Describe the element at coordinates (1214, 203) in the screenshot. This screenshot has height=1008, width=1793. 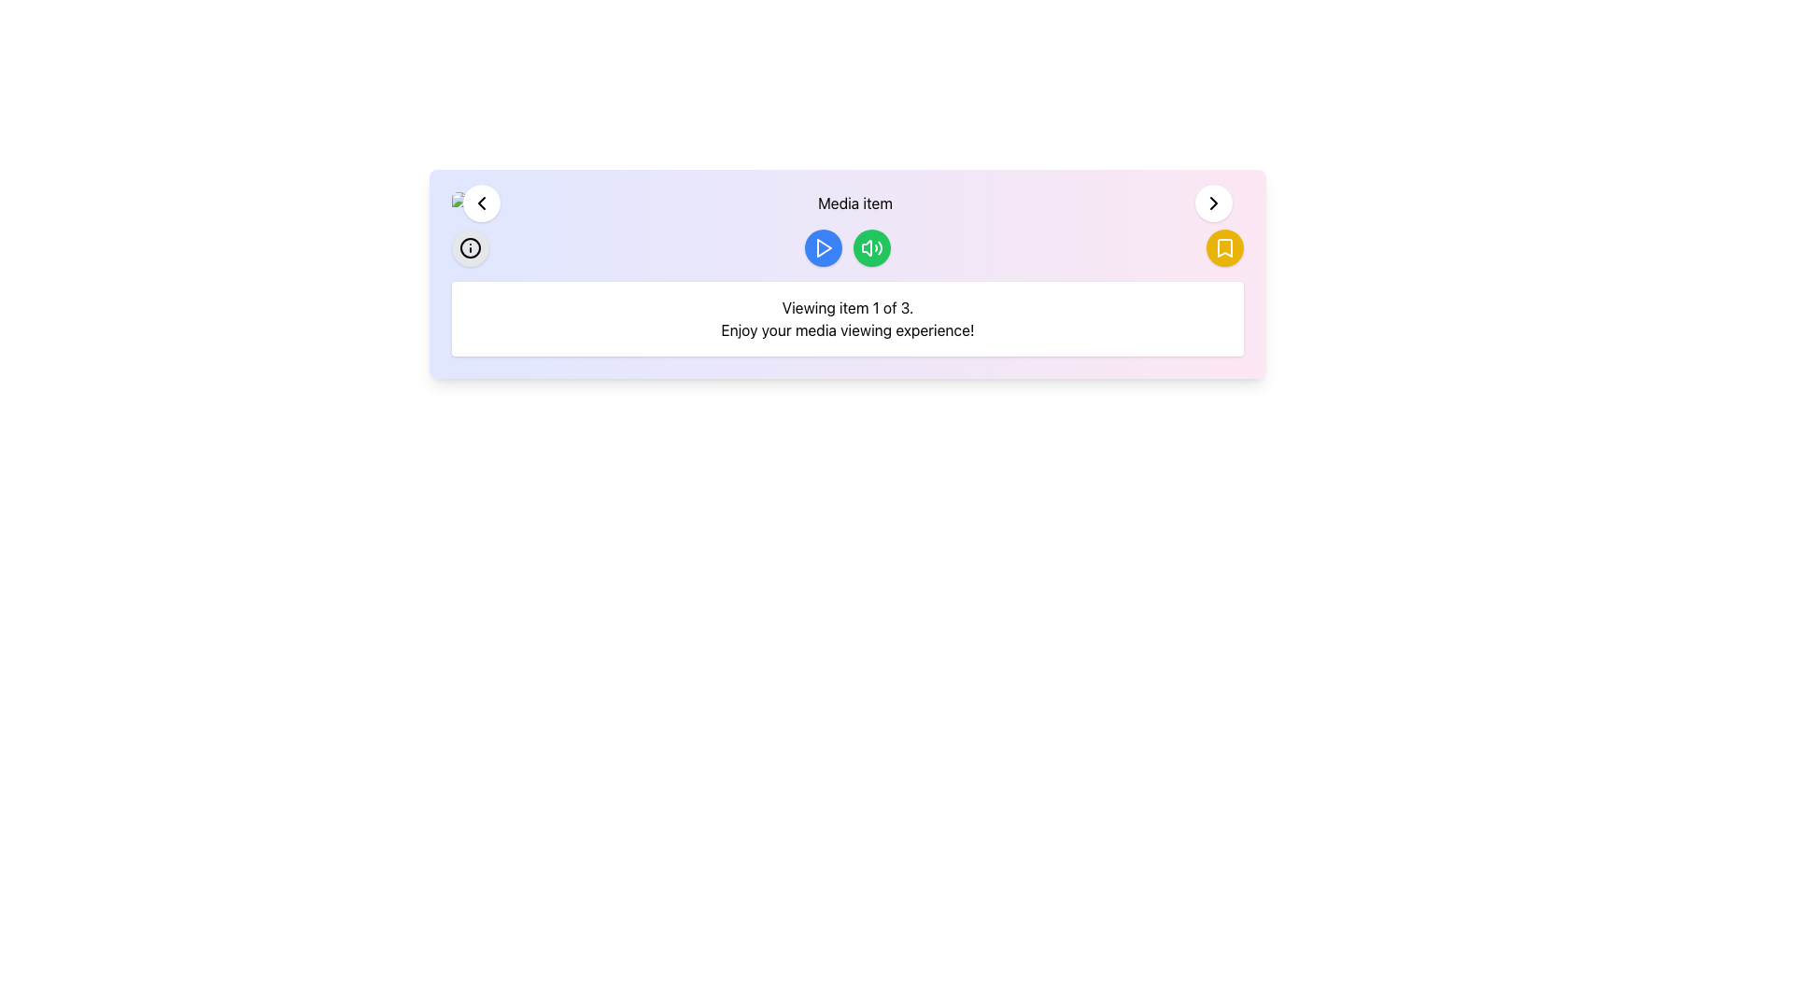
I see `the right-pointing chevron icon located within the circular button at the top-right of the primary interface section` at that location.